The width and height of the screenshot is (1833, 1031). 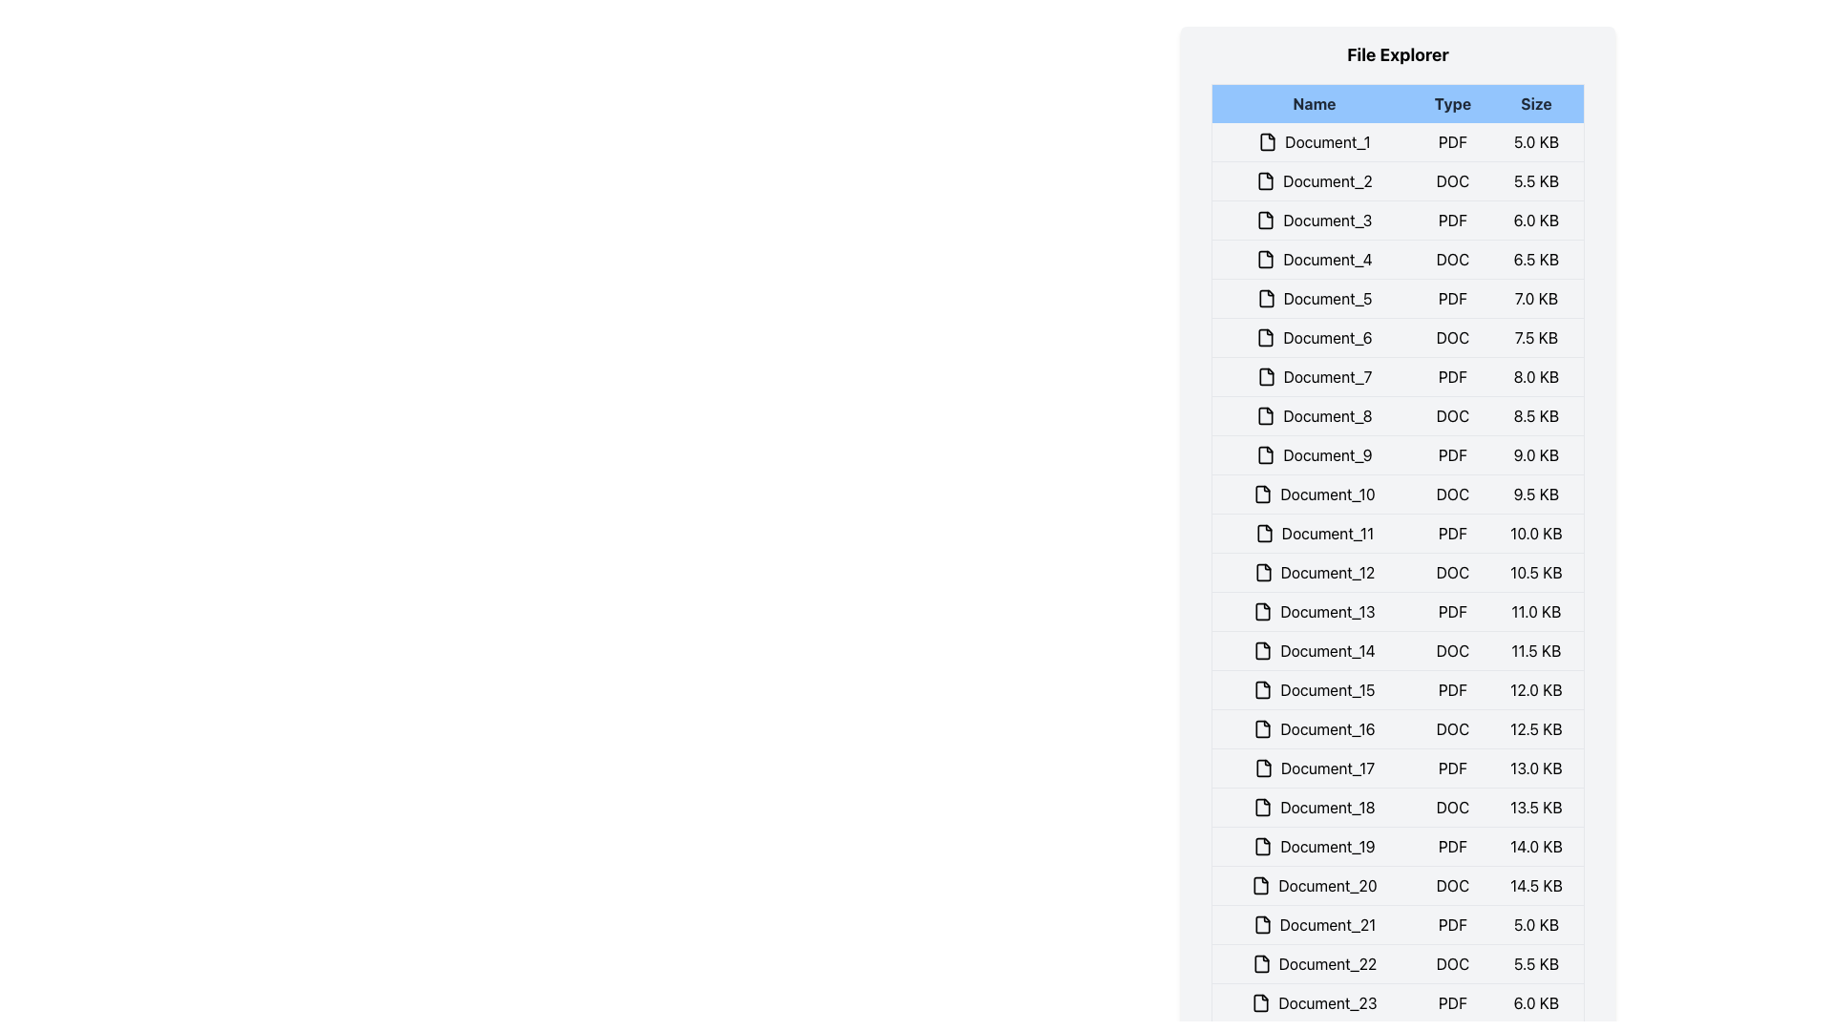 What do you see at coordinates (1451, 103) in the screenshot?
I see `the 'Type' static text label, which serves as the header for the 'Type' column in the file listing table` at bounding box center [1451, 103].